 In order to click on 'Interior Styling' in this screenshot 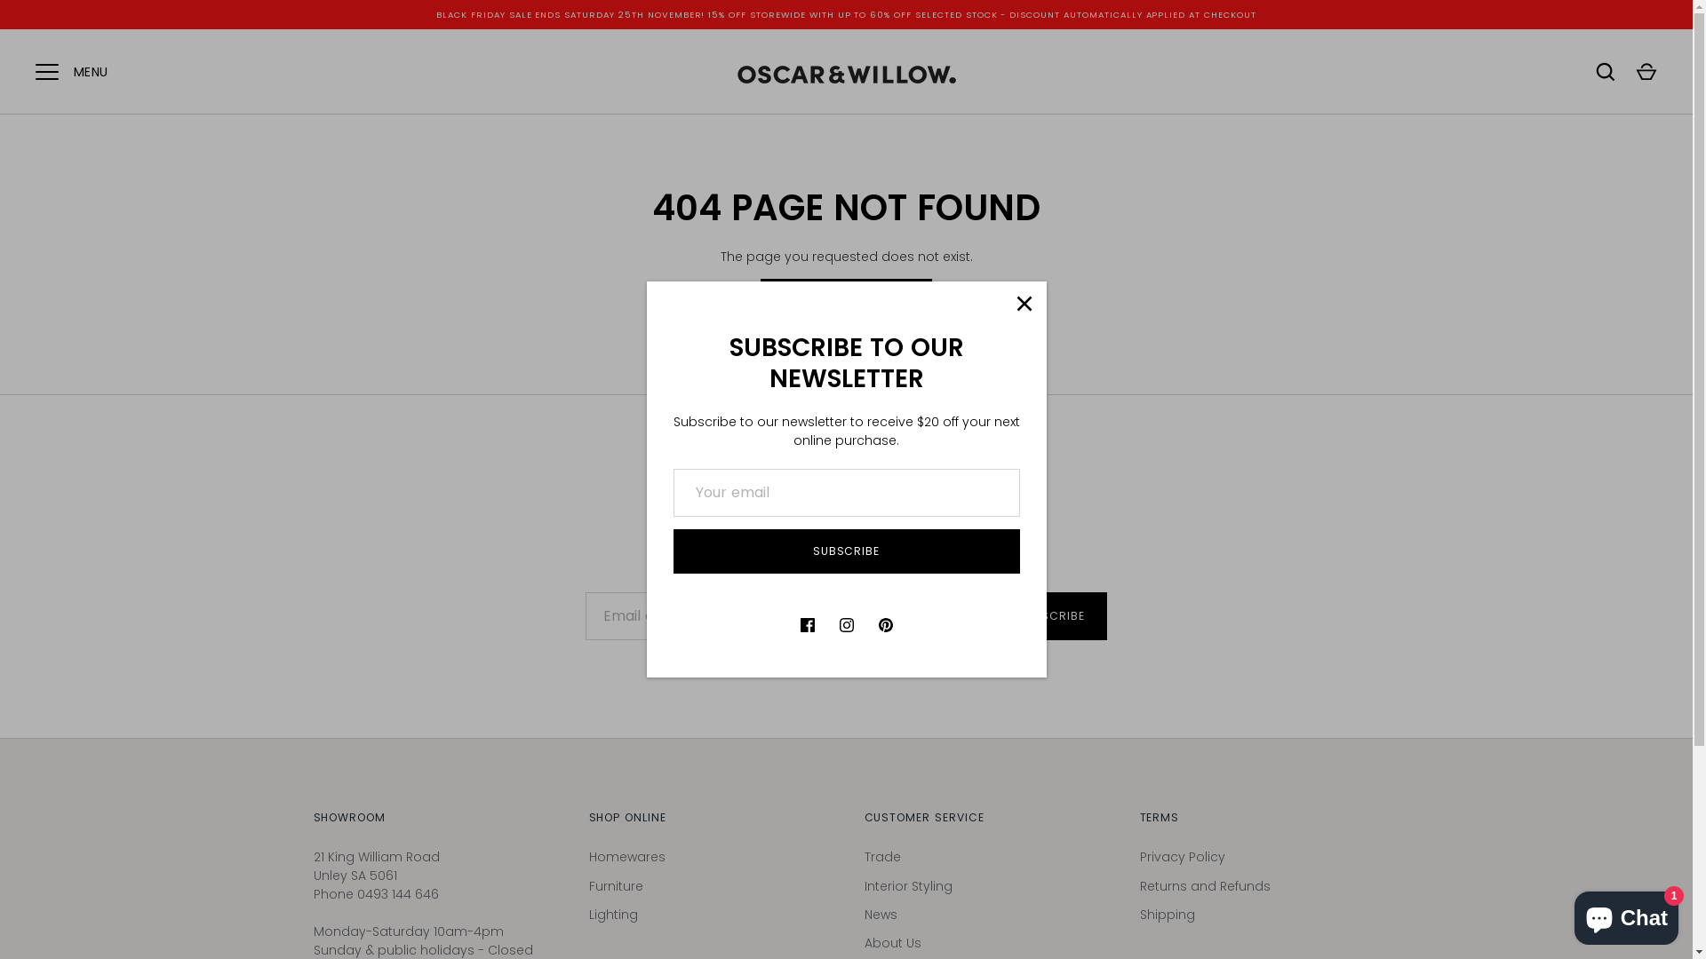, I will do `click(863, 886)`.